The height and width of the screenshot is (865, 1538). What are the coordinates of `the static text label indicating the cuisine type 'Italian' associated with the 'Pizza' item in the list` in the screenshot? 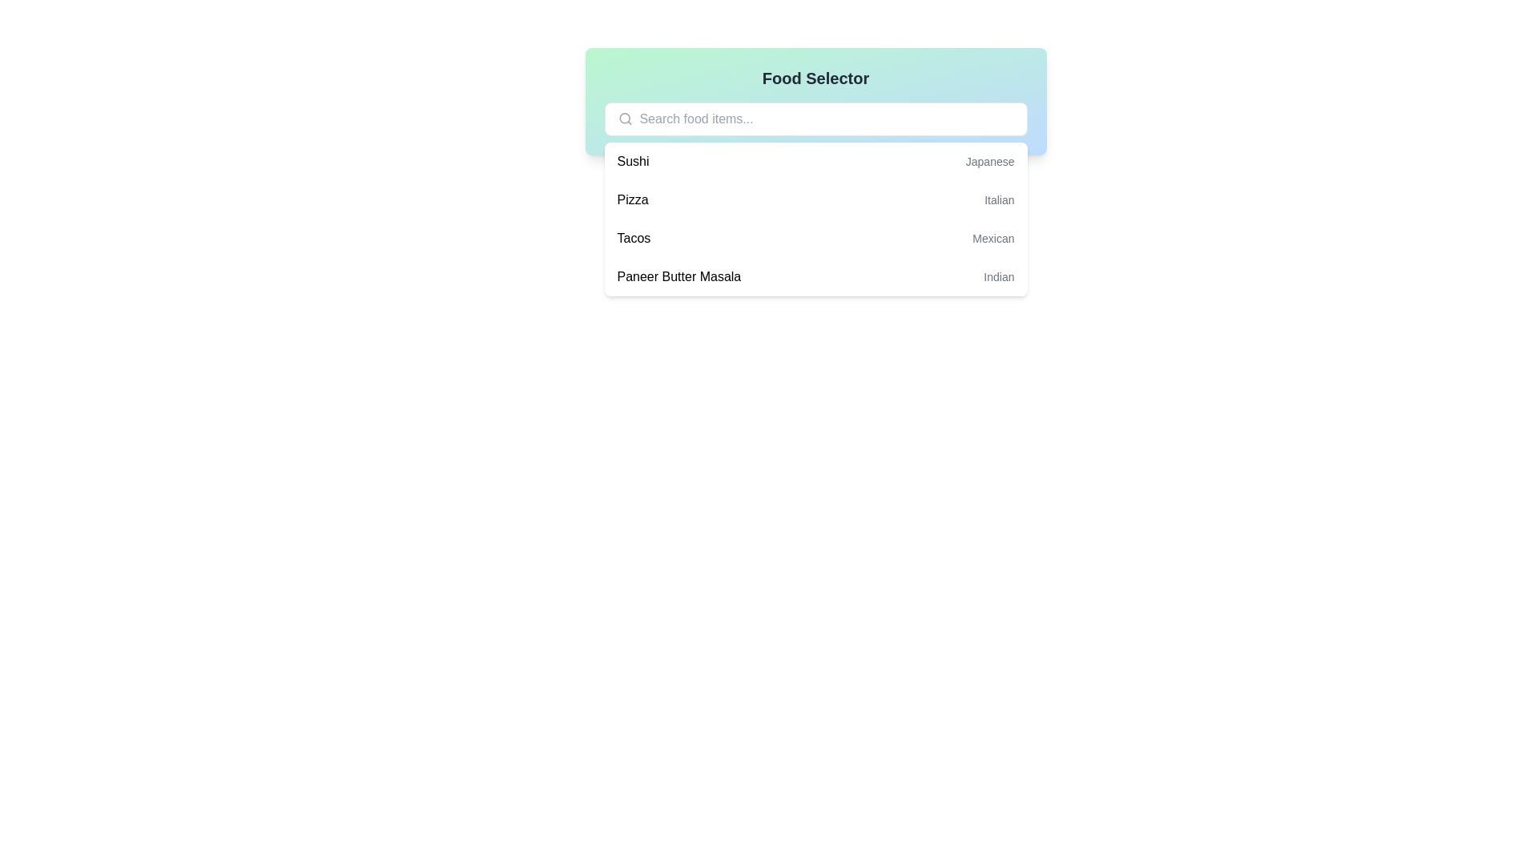 It's located at (998, 199).